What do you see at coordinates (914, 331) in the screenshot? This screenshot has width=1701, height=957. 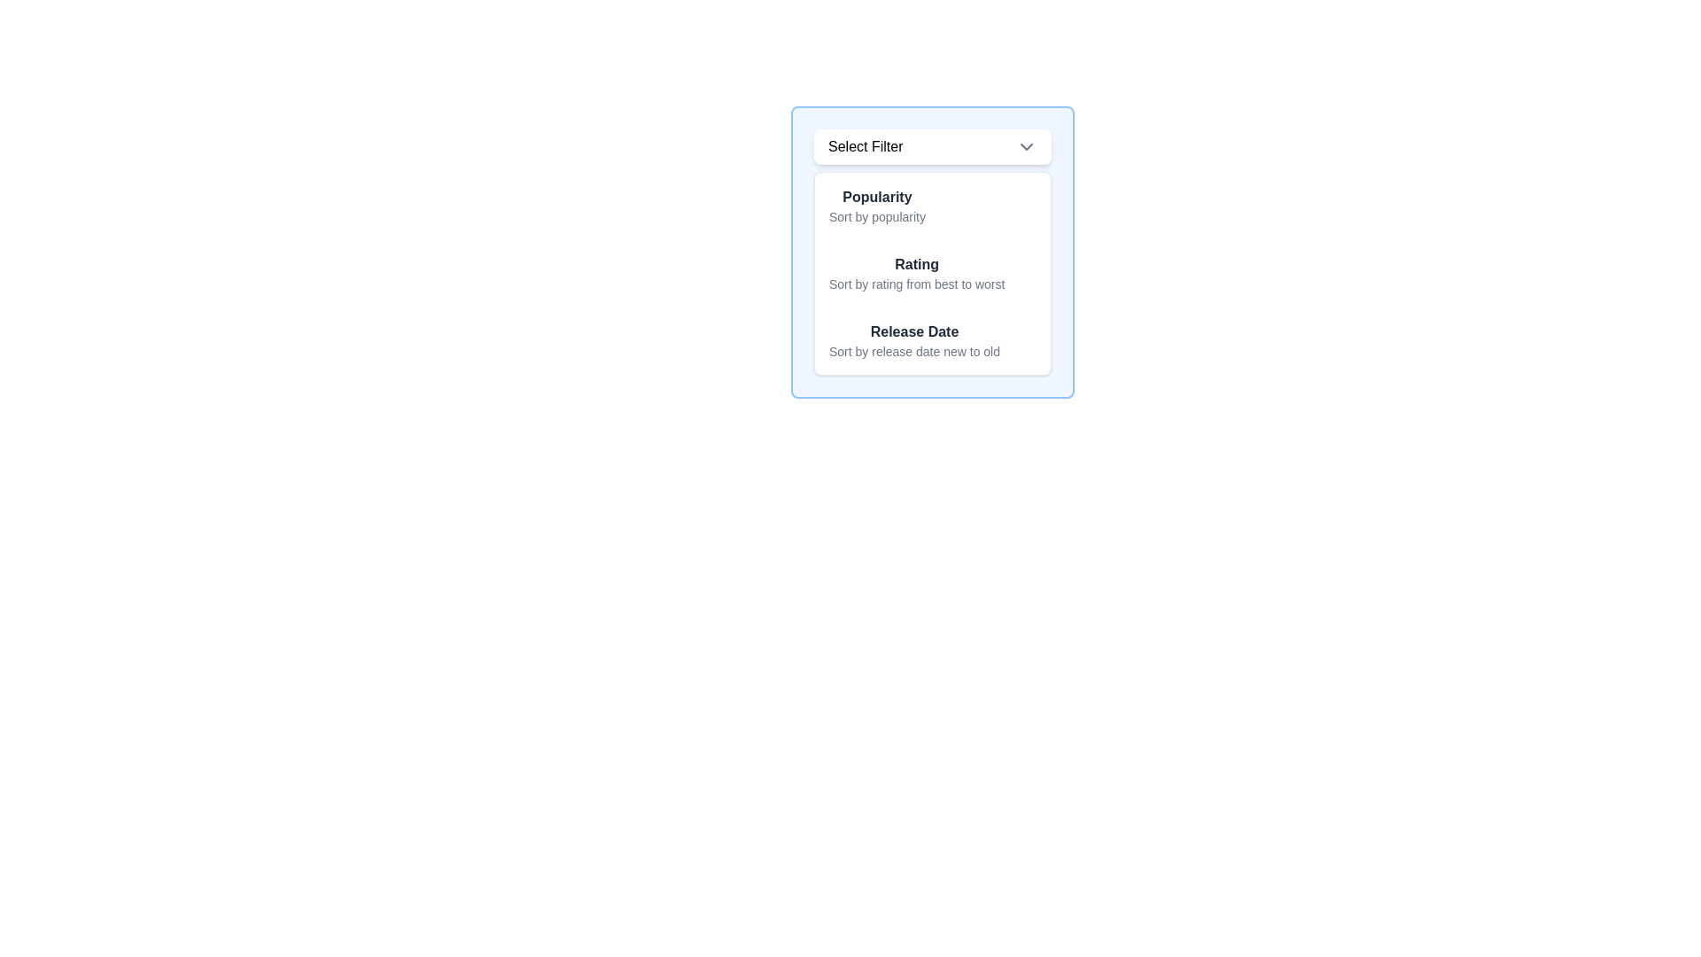 I see `the 'Release Date' static text element, which is displayed in a bold font style and gray color, located within a dropdown menu as the third sorting option` at bounding box center [914, 331].